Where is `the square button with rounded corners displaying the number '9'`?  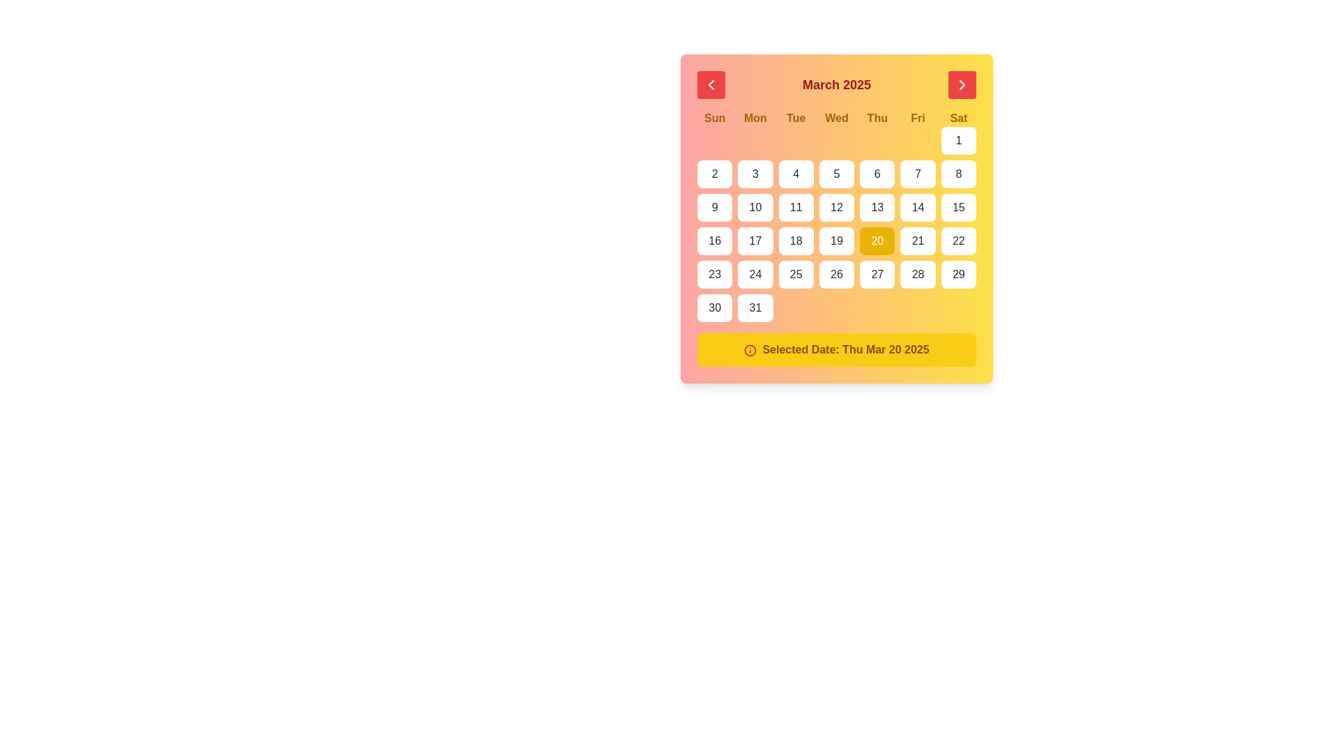
the square button with rounded corners displaying the number '9' is located at coordinates (715, 207).